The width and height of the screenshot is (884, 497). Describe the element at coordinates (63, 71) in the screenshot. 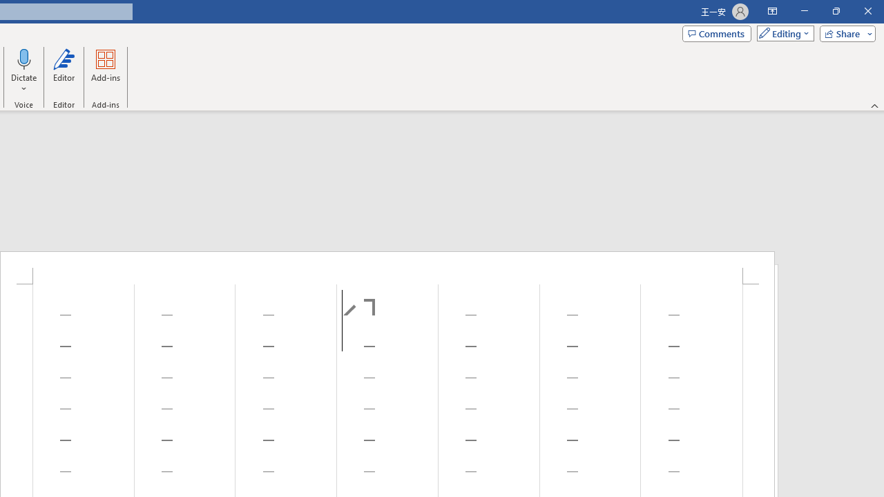

I see `'Editor'` at that location.